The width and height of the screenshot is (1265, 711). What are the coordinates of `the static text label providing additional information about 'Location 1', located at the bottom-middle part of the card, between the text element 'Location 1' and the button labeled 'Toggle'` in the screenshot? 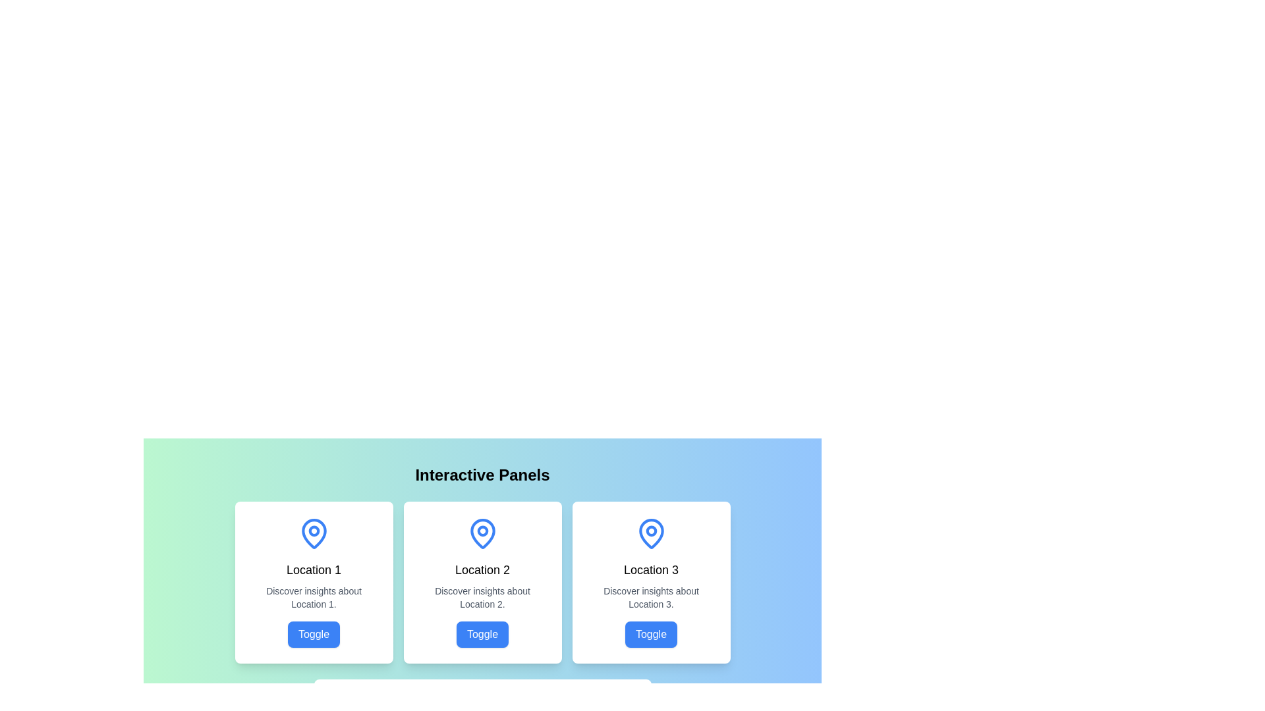 It's located at (313, 597).